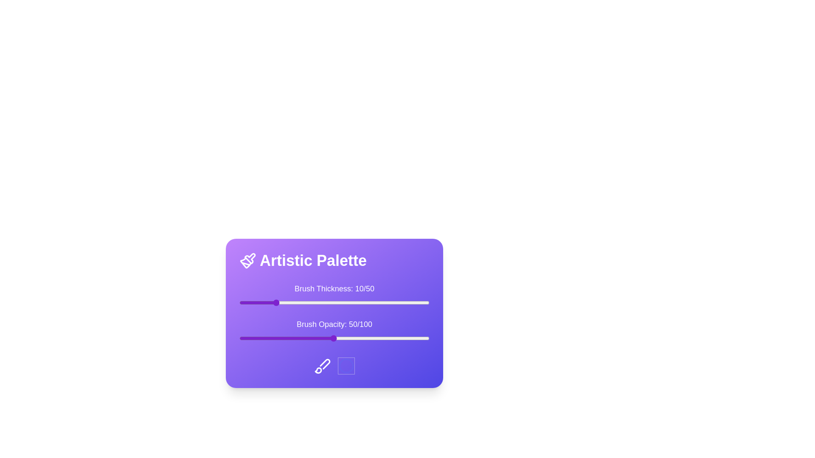  Describe the element at coordinates (272, 338) in the screenshot. I see `the 'Brush Opacity' slider to set the opacity to 18%` at that location.